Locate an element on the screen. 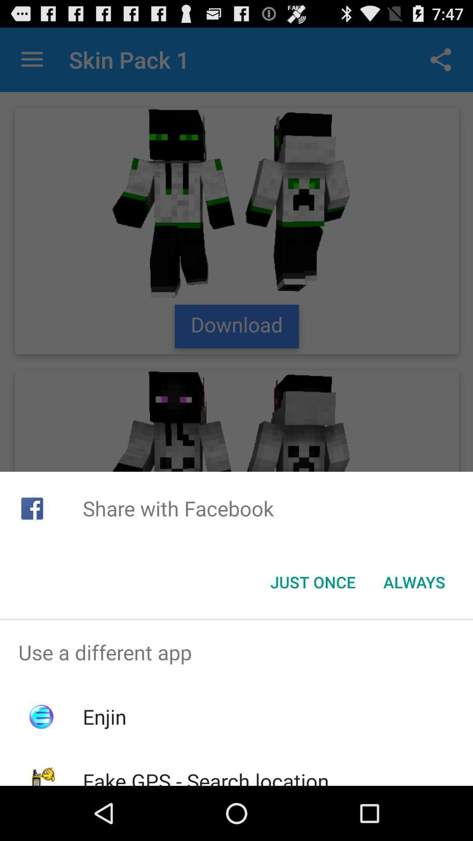  item above fake gps search app is located at coordinates (104, 717).